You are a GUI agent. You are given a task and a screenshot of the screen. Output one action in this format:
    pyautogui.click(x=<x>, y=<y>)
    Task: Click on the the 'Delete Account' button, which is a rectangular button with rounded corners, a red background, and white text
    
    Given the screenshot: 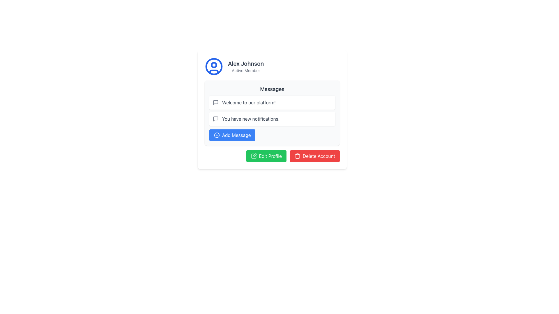 What is the action you would take?
    pyautogui.click(x=314, y=156)
    